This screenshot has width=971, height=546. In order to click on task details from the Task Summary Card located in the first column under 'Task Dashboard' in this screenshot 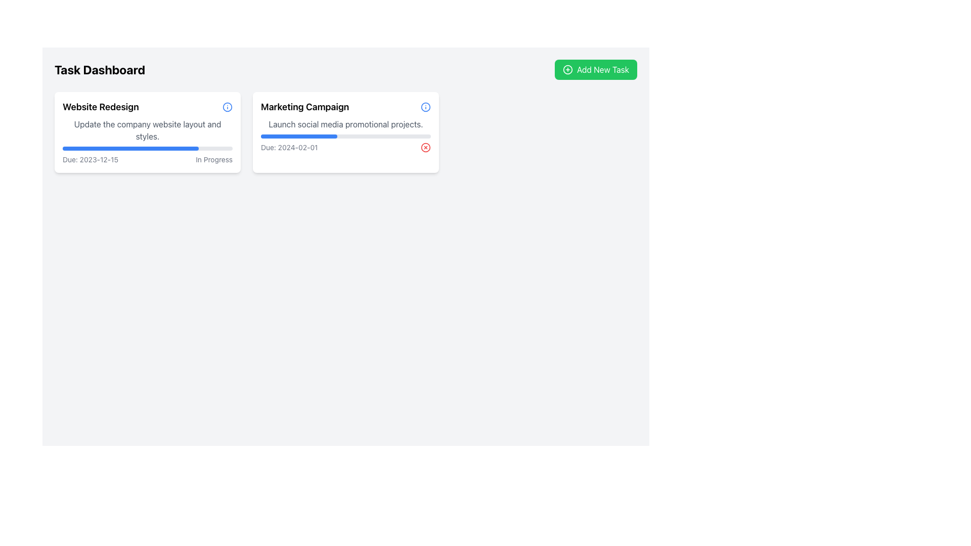, I will do `click(147, 132)`.